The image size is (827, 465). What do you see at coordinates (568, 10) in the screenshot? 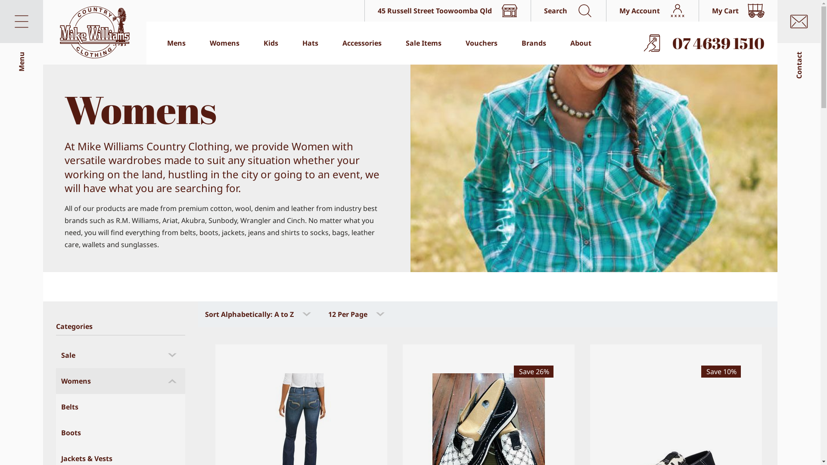
I see `'Search'` at bounding box center [568, 10].